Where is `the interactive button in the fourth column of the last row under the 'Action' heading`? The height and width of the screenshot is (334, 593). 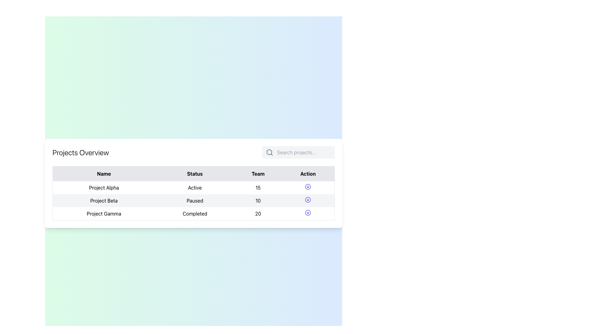
the interactive button in the fourth column of the last row under the 'Action' heading is located at coordinates (308, 213).